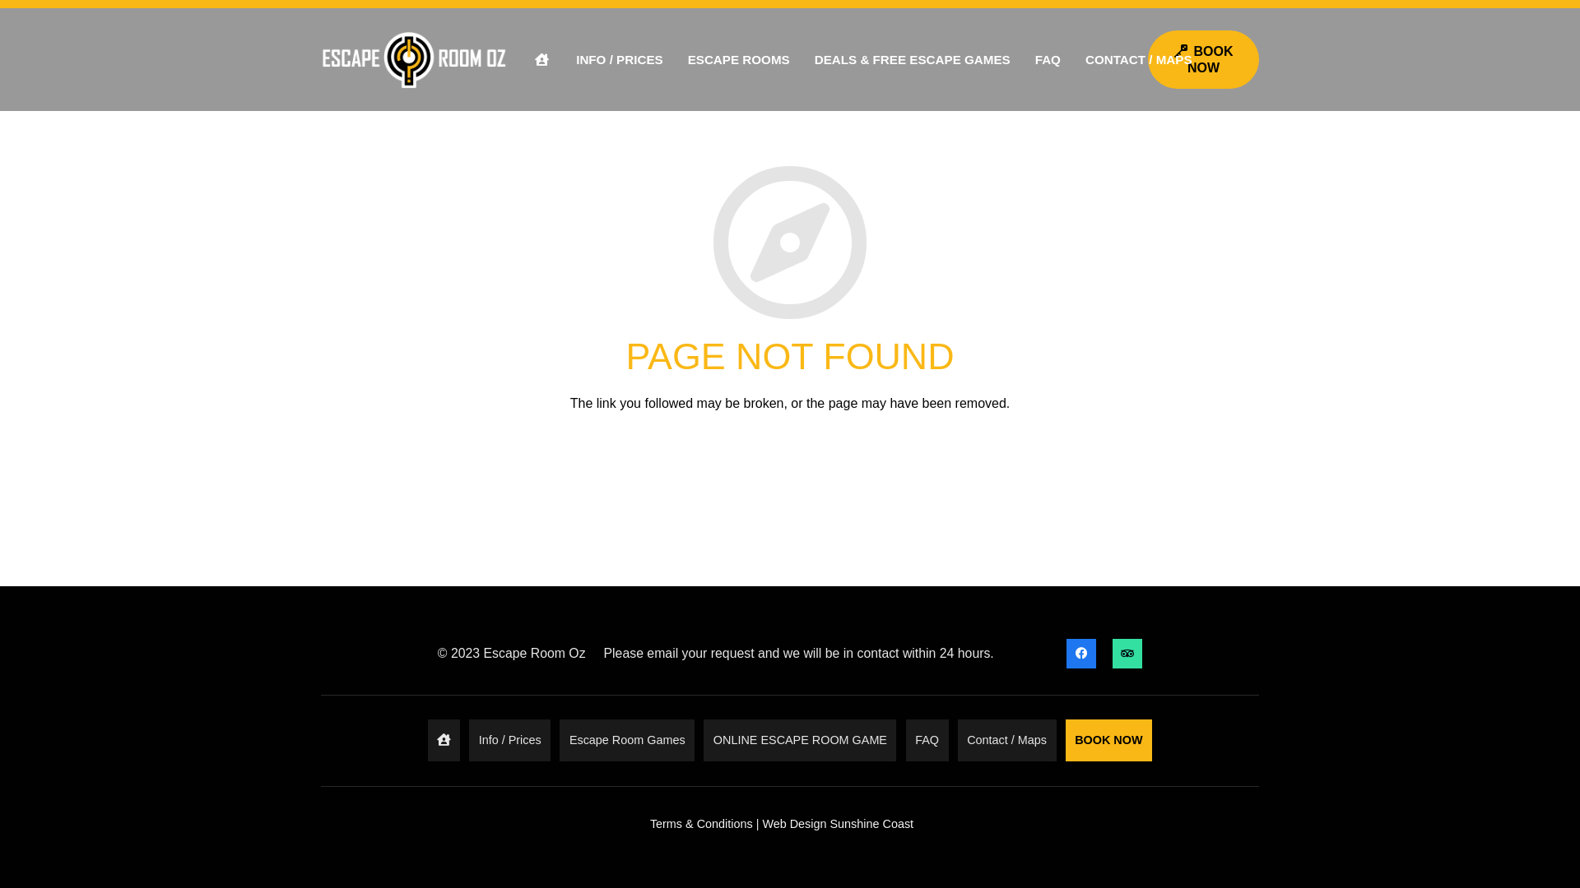 The width and height of the screenshot is (1580, 888). What do you see at coordinates (837, 824) in the screenshot?
I see `'Web Design Sunshine Coast'` at bounding box center [837, 824].